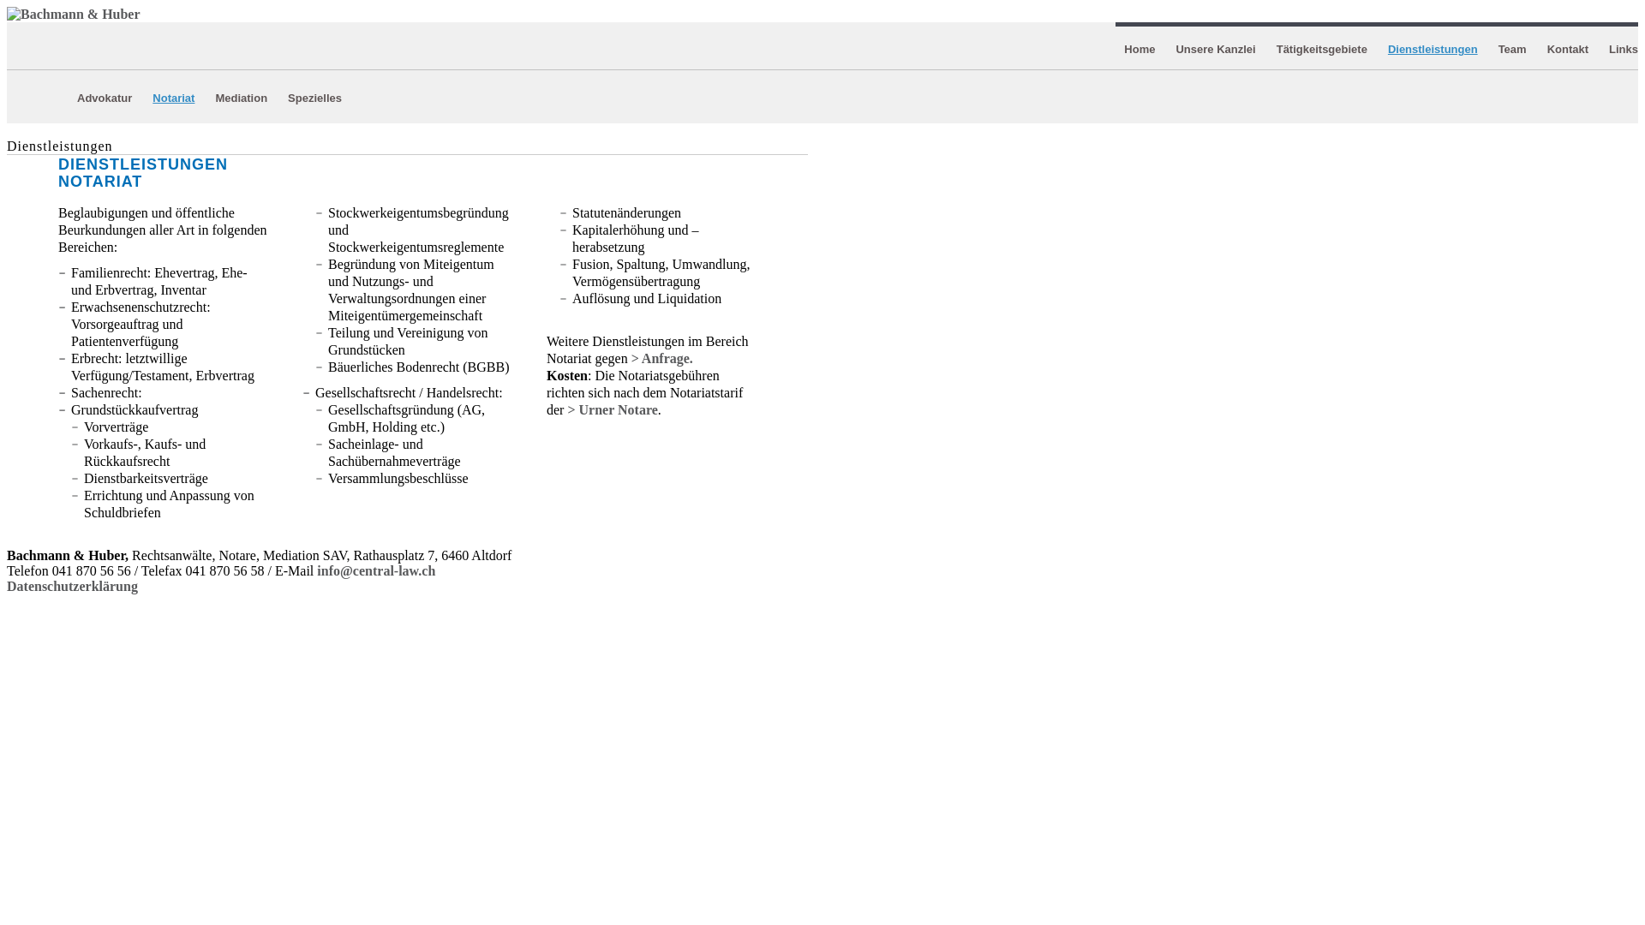  I want to click on 'Kontakt', so click(1567, 48).